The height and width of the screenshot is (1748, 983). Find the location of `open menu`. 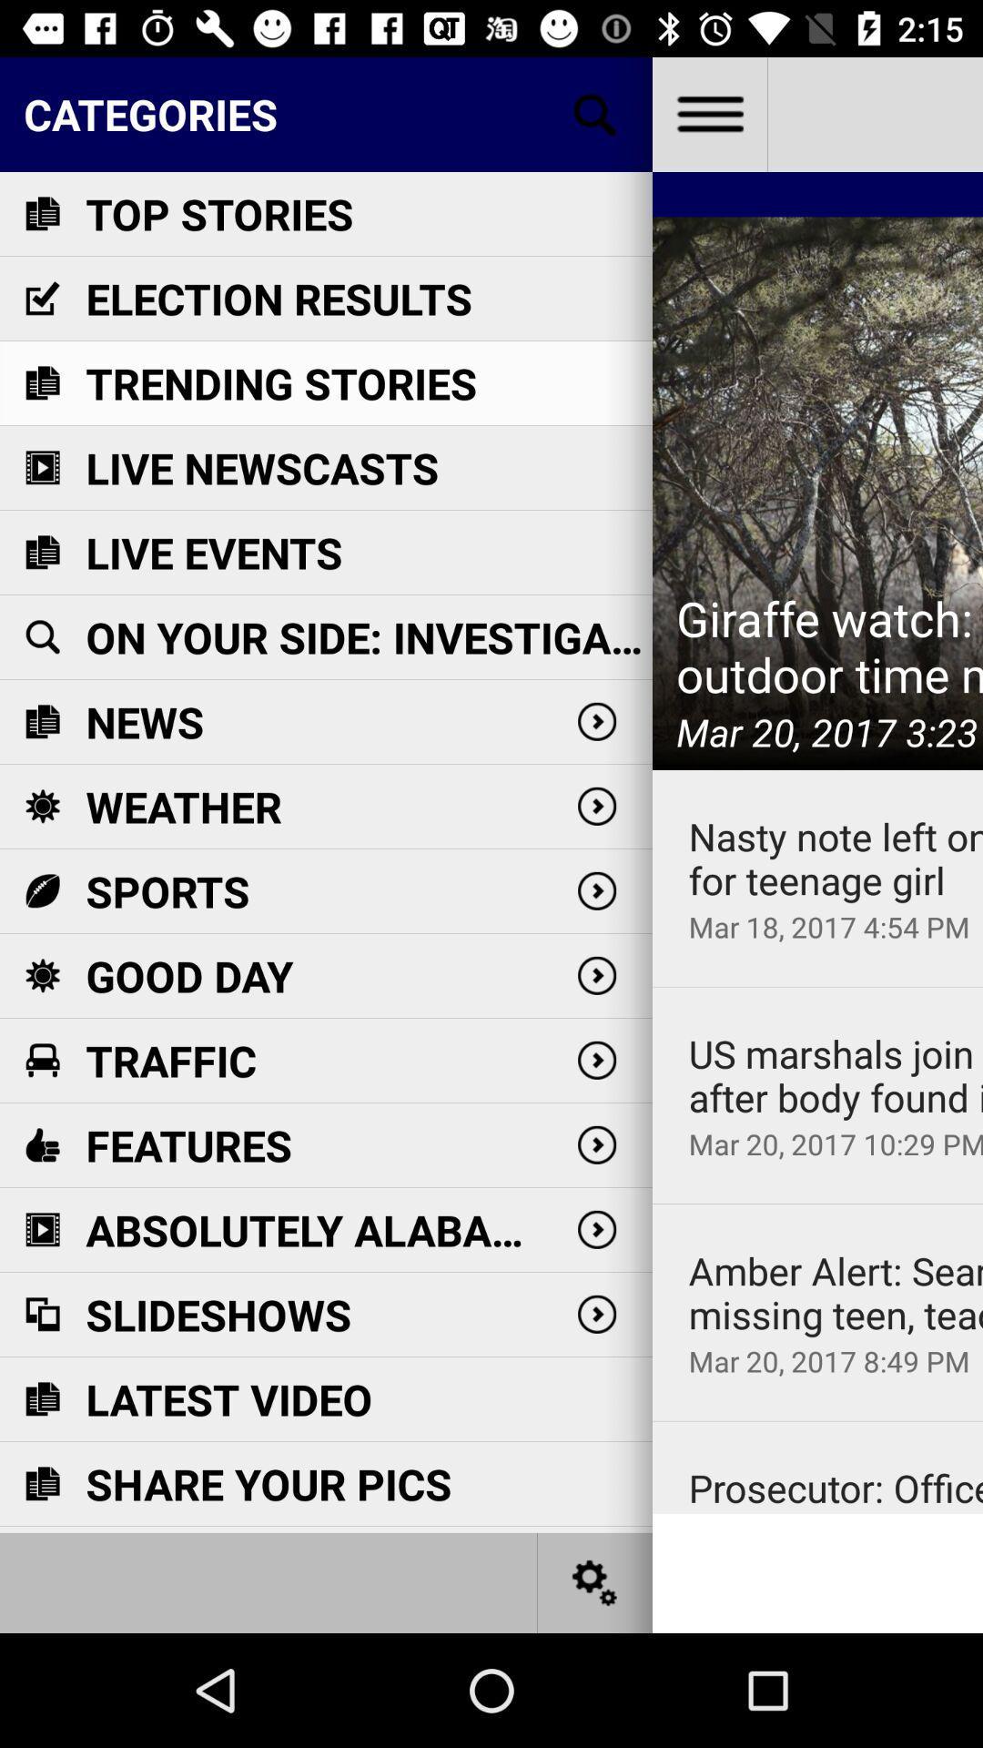

open menu is located at coordinates (708, 113).